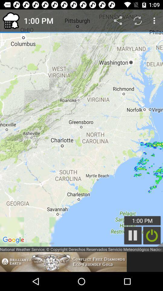  I want to click on play, so click(133, 235).